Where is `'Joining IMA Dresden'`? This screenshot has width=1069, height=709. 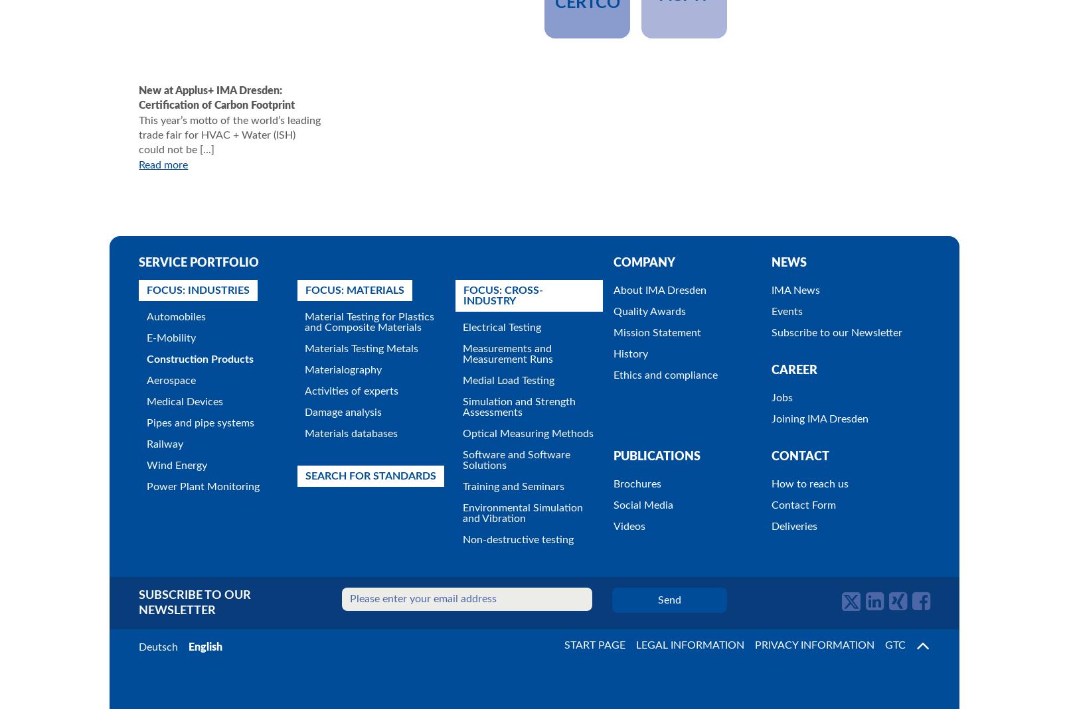 'Joining IMA Dresden' is located at coordinates (819, 419).